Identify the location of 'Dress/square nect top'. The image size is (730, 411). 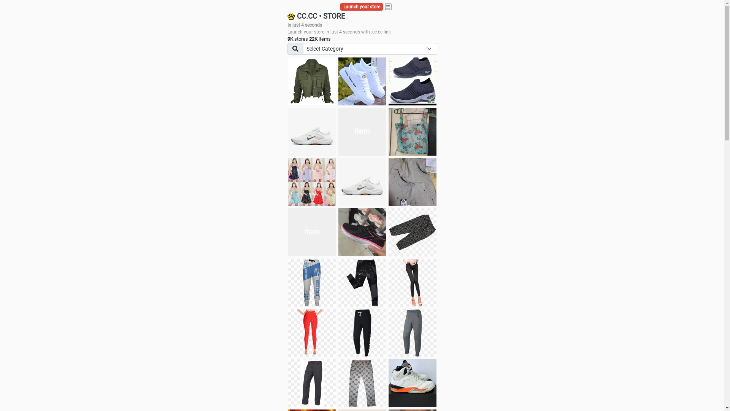
(288, 182).